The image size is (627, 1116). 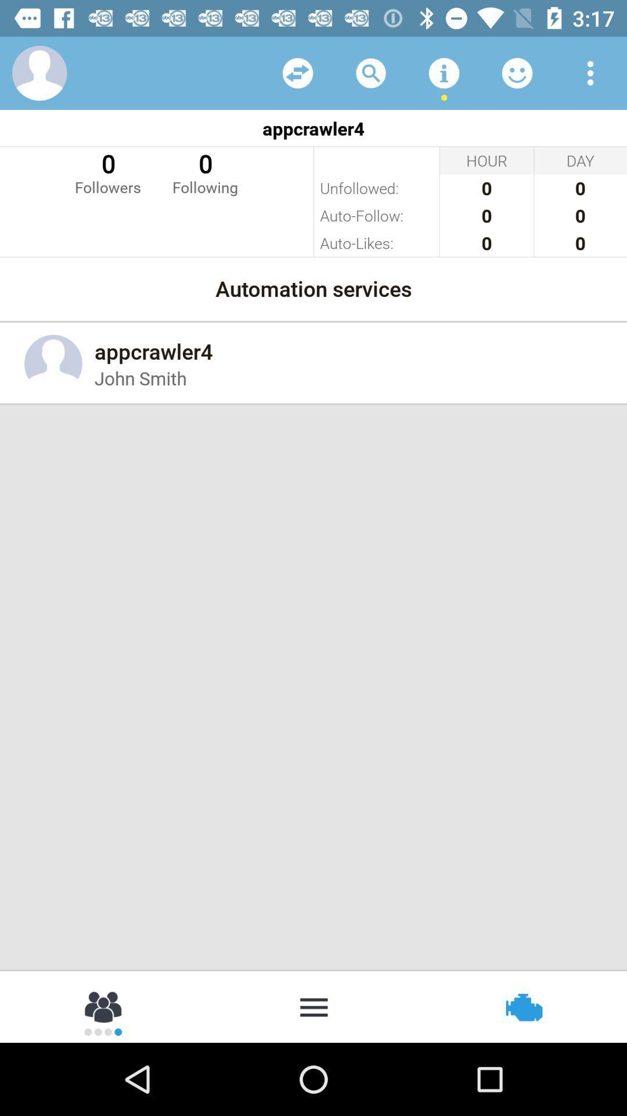 I want to click on icon above the appcrawler4, so click(x=444, y=72).